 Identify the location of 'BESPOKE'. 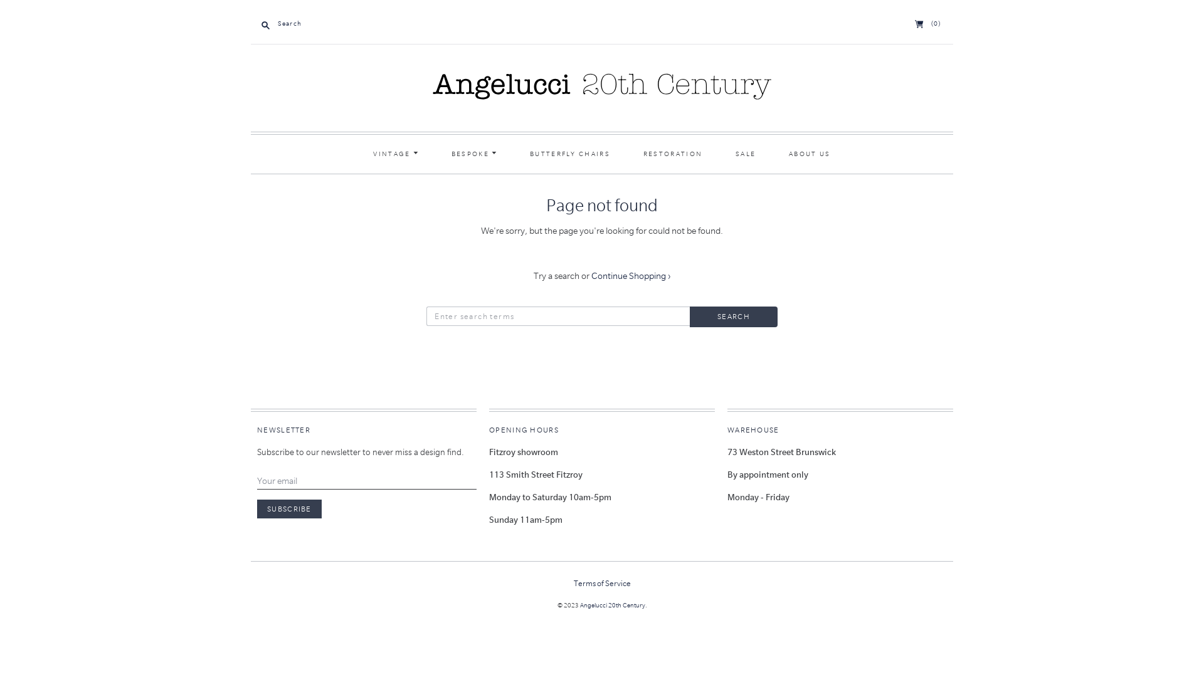
(473, 153).